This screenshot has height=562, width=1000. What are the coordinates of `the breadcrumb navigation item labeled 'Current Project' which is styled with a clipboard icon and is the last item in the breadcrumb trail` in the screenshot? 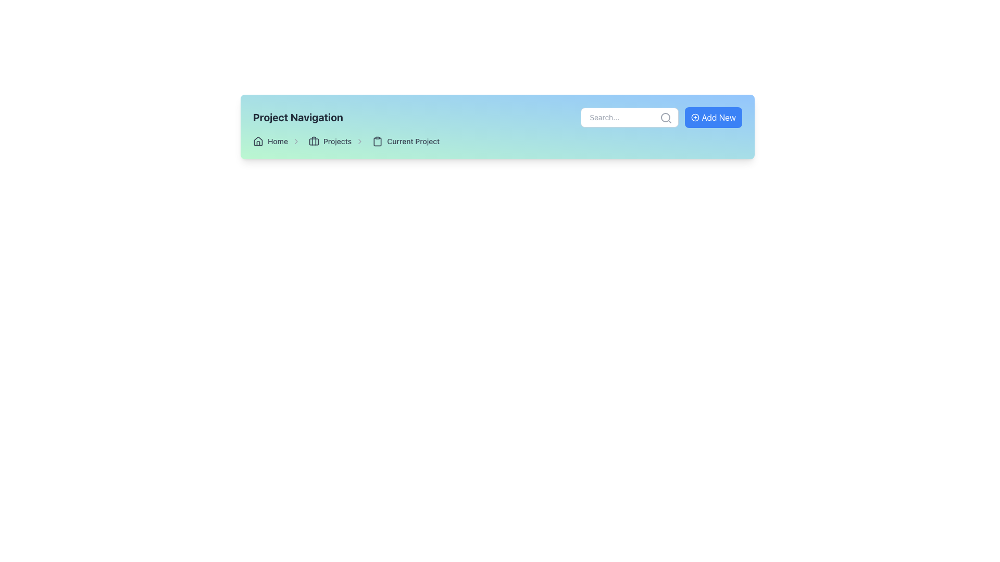 It's located at (405, 142).